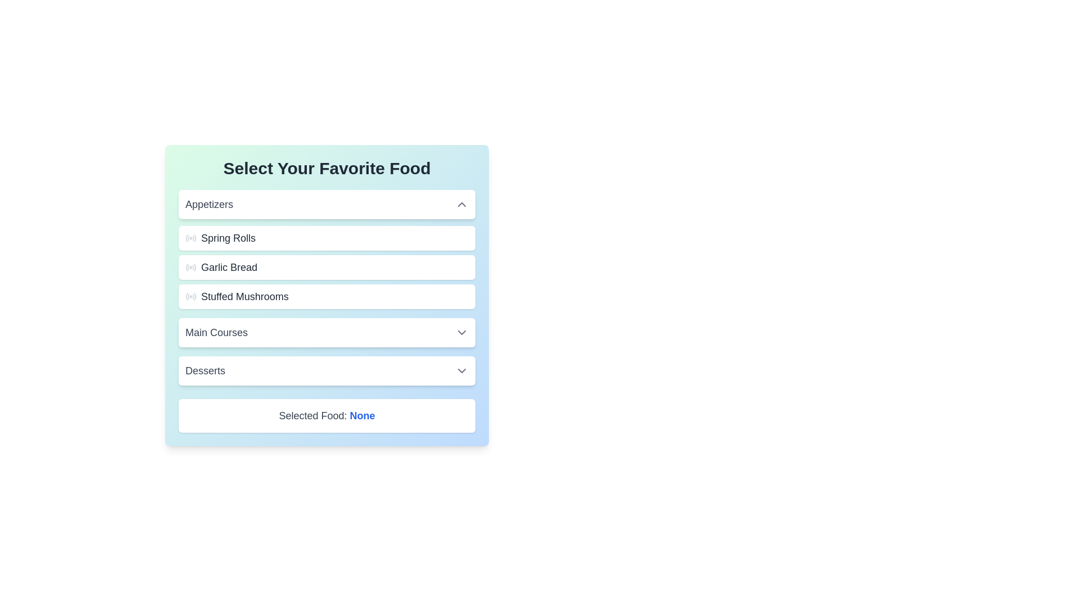  I want to click on the upward-pointing chevron icon styled in dark gray located at the far right of the 'Appetizers' section, so click(461, 204).